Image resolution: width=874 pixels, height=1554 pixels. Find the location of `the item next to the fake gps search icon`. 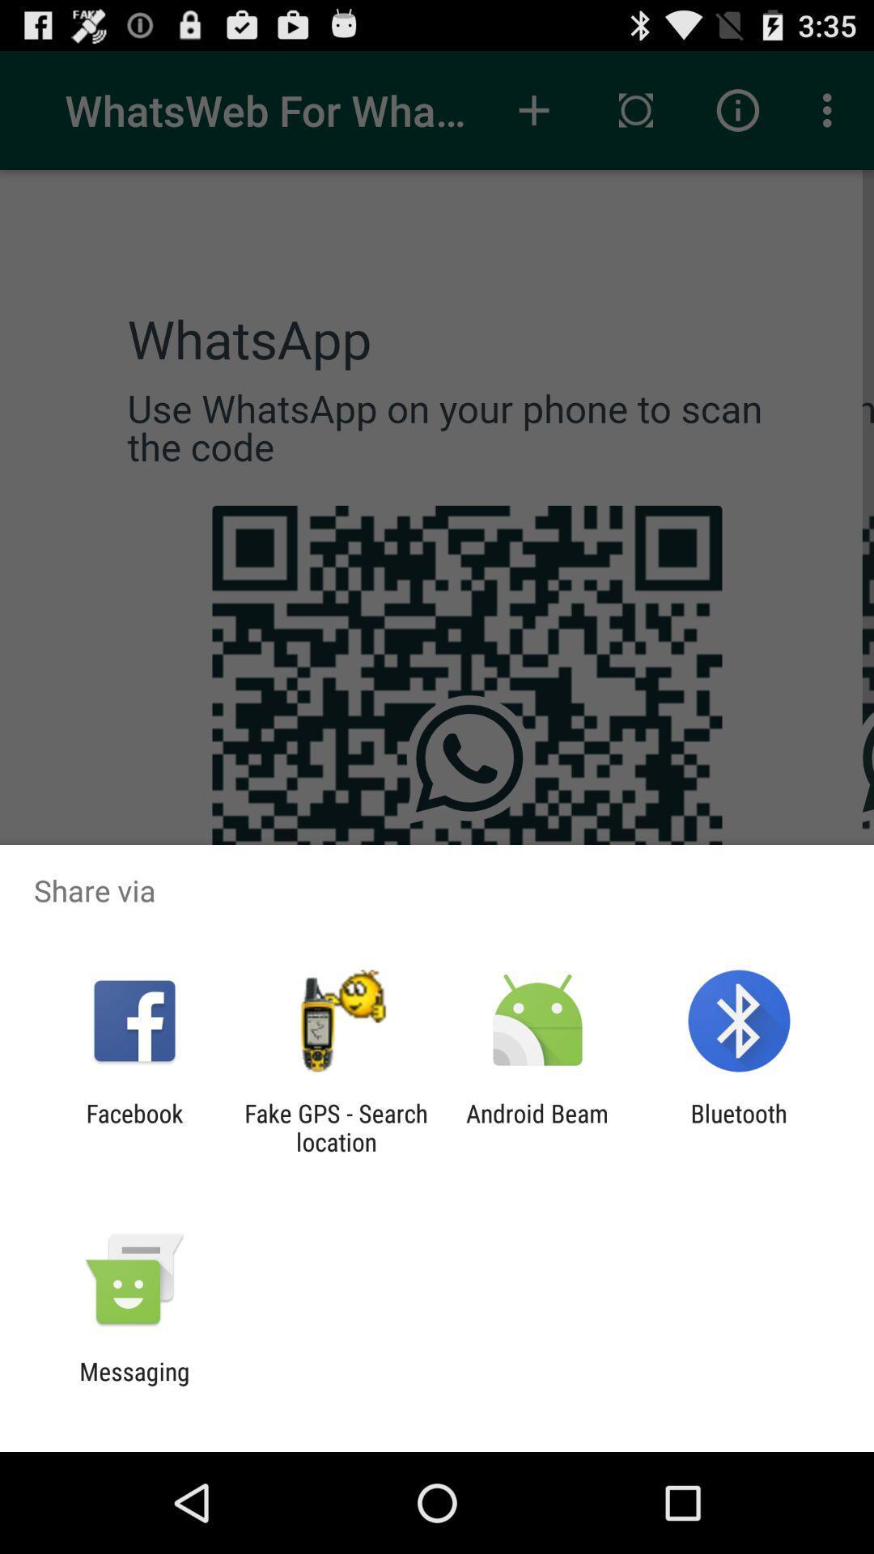

the item next to the fake gps search icon is located at coordinates (537, 1127).